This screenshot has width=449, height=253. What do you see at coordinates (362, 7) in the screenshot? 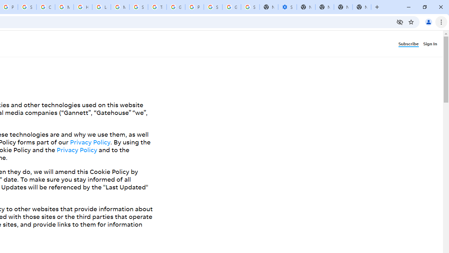
I see `'New Tab'` at bounding box center [362, 7].